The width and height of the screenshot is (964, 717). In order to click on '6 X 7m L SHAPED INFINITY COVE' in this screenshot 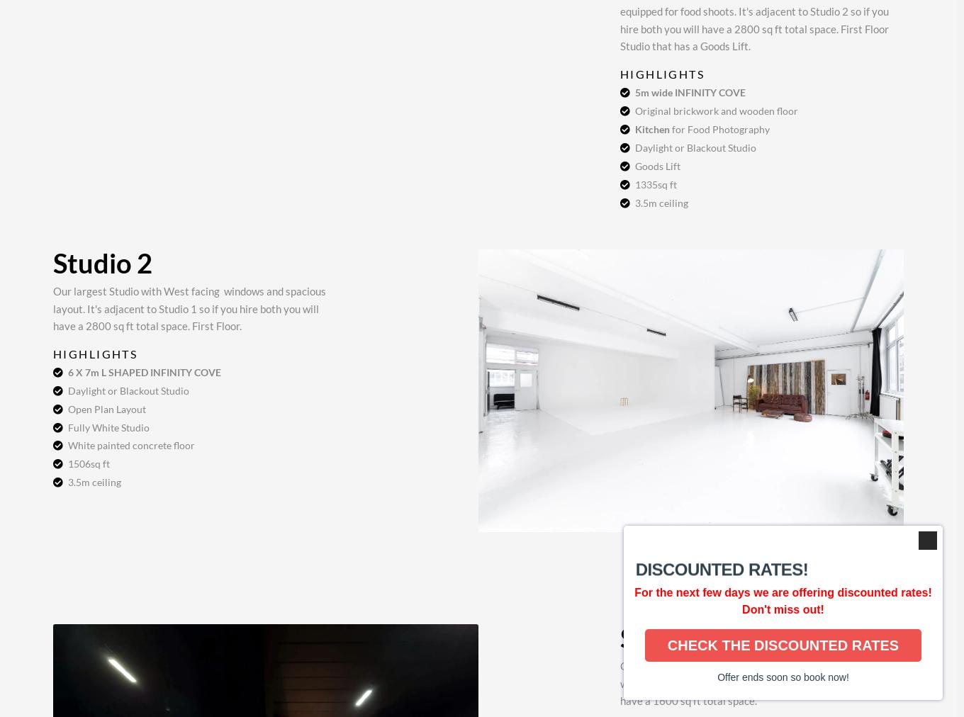, I will do `click(144, 371)`.